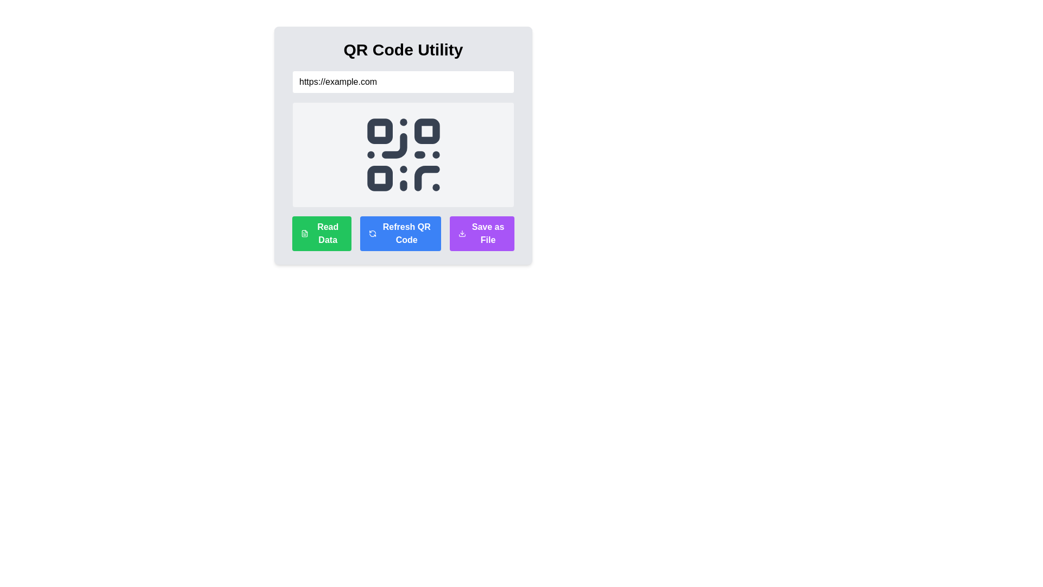 Image resolution: width=1043 pixels, height=587 pixels. Describe the element at coordinates (400, 233) in the screenshot. I see `the refresh button located between the 'Read Data' and 'Save as File' buttons to refresh the displayed QR code` at that location.